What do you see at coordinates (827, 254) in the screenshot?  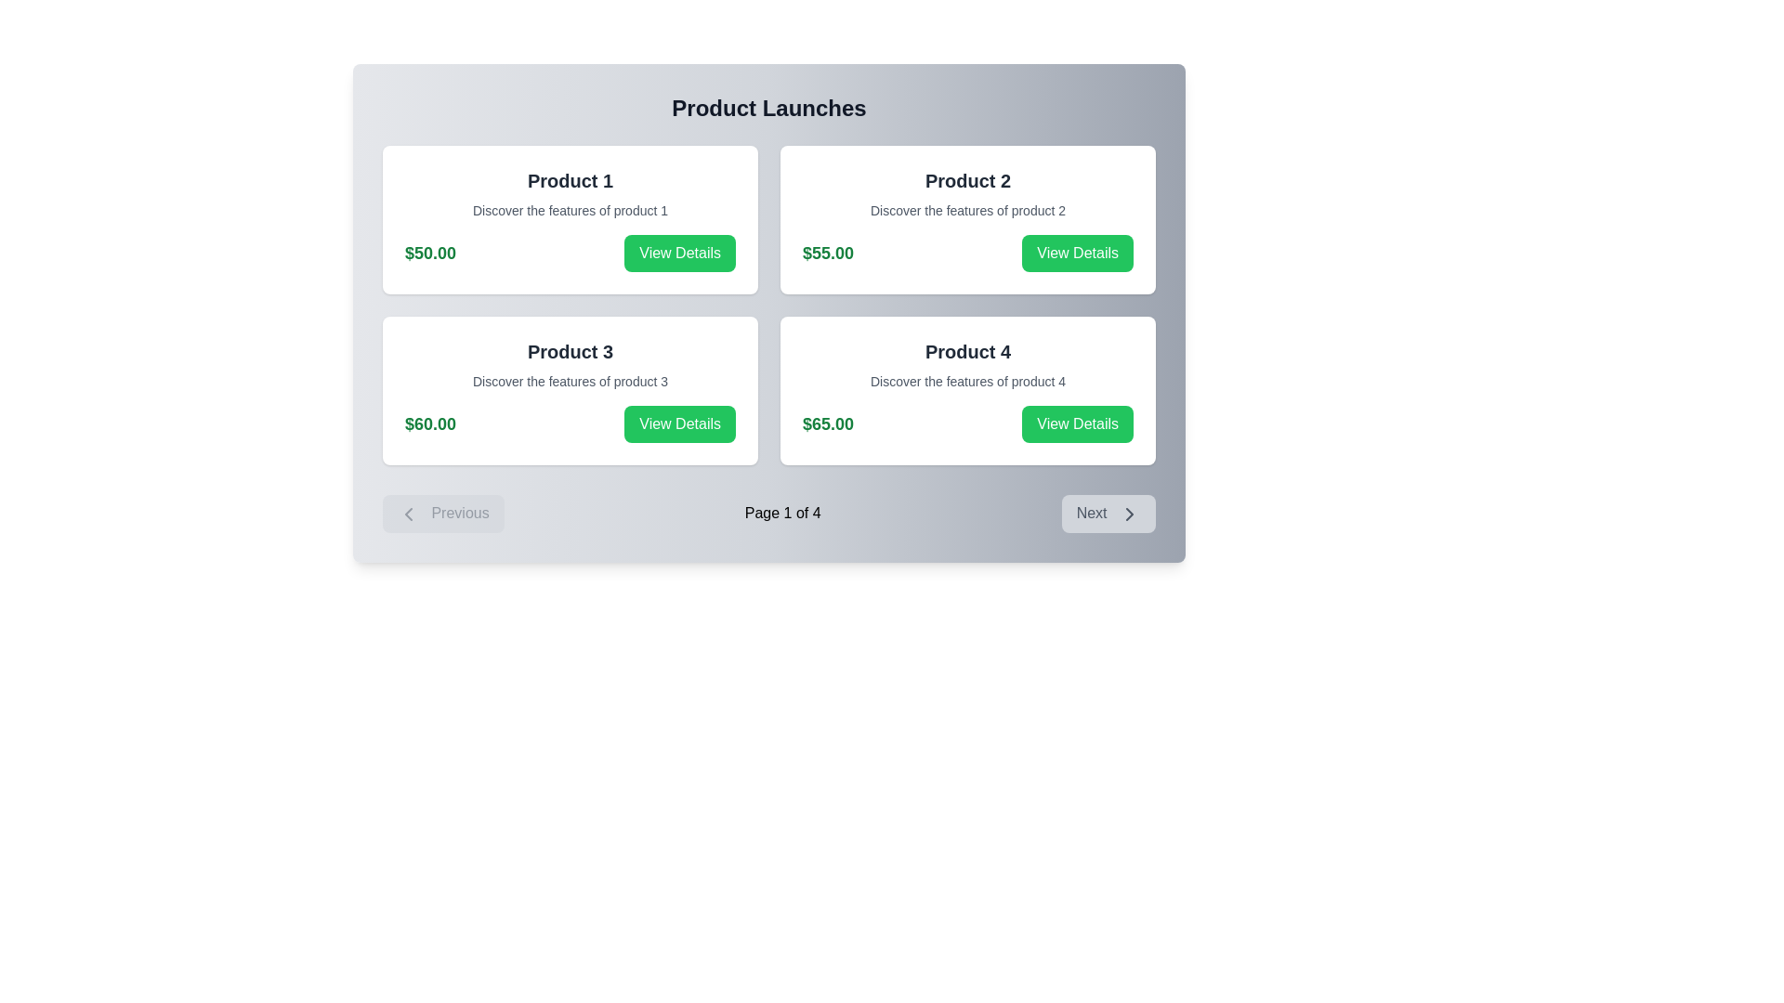 I see `the static text label displaying the price '$55.00' in bold green font located within the second product card, positioned above the 'View Details' button` at bounding box center [827, 254].